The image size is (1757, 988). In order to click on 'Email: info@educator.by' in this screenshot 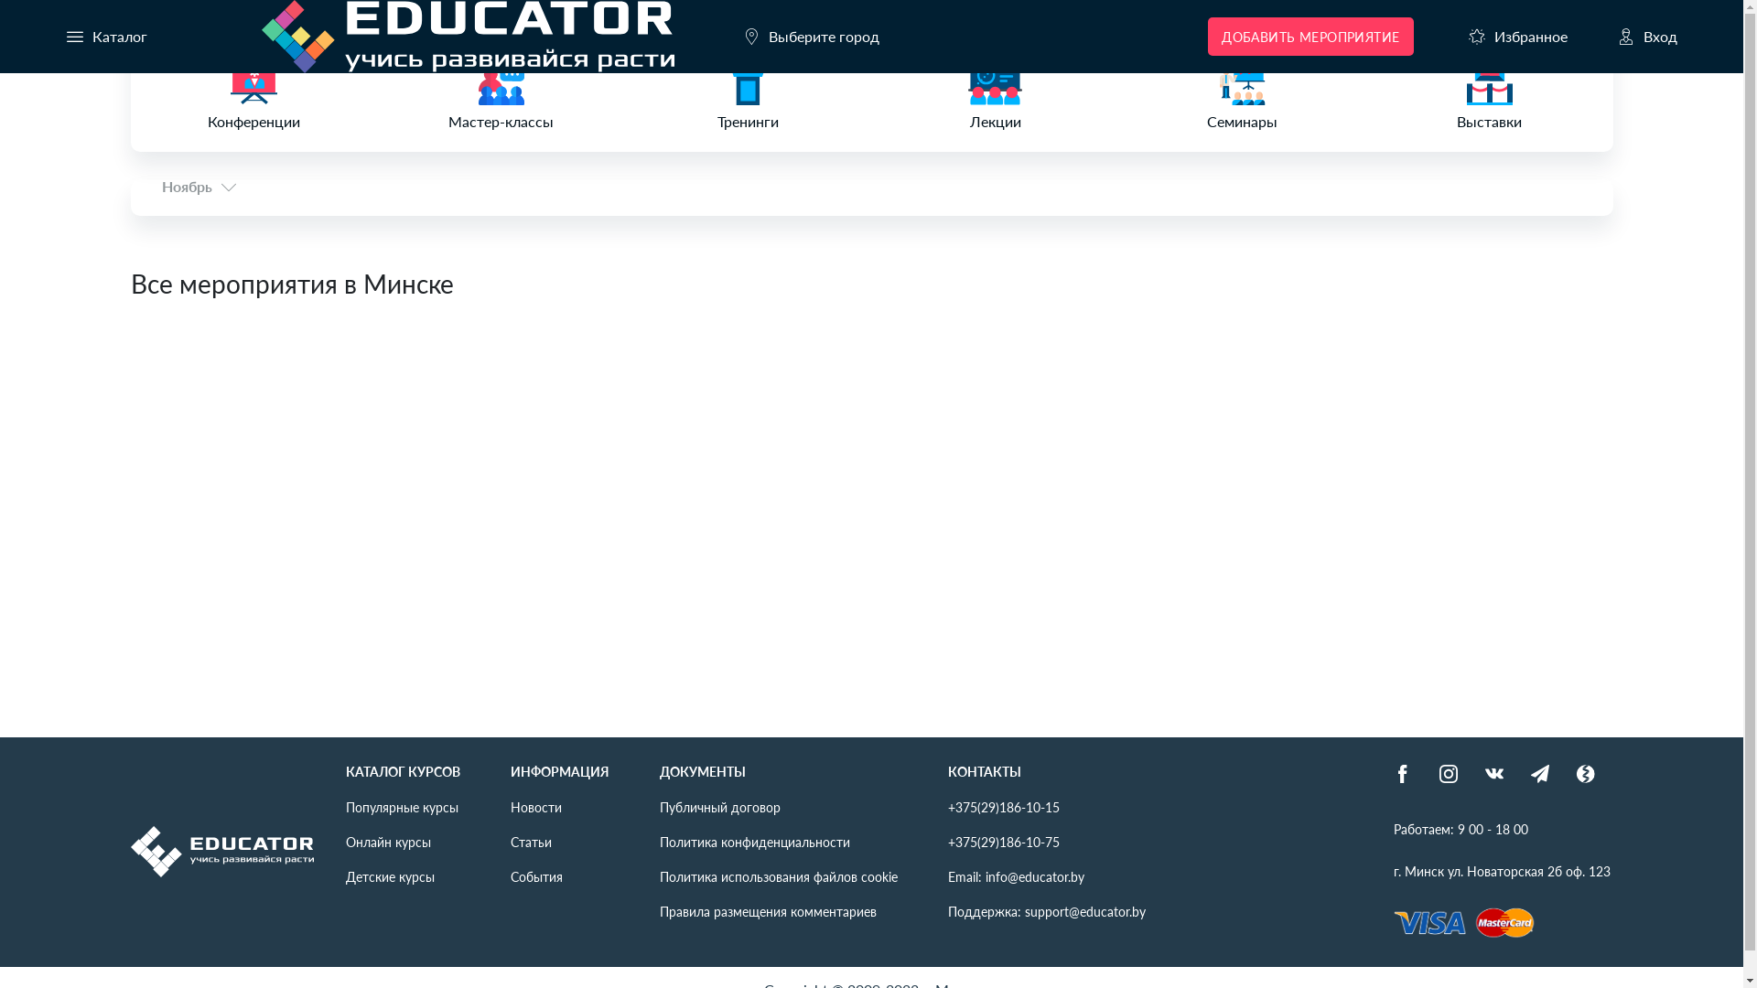, I will do `click(1015, 875)`.